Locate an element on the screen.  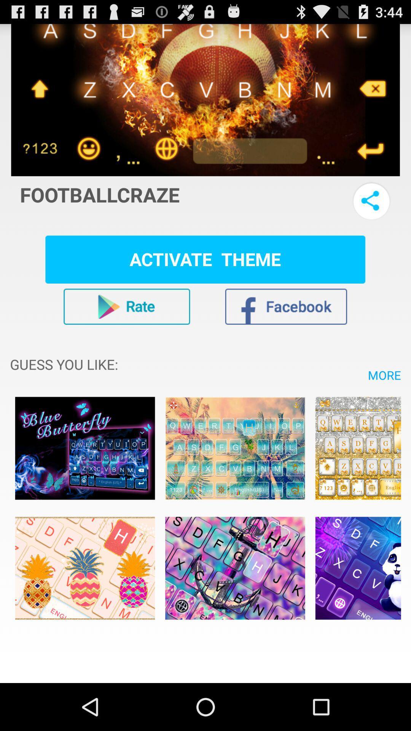
rate app in playstore is located at coordinates (126, 306).